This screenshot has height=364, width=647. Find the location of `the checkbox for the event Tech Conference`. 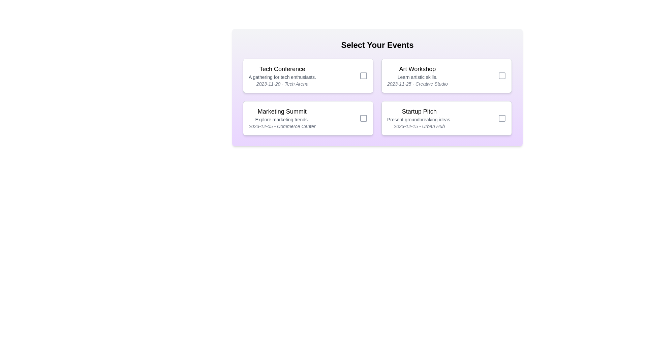

the checkbox for the event Tech Conference is located at coordinates (364, 75).